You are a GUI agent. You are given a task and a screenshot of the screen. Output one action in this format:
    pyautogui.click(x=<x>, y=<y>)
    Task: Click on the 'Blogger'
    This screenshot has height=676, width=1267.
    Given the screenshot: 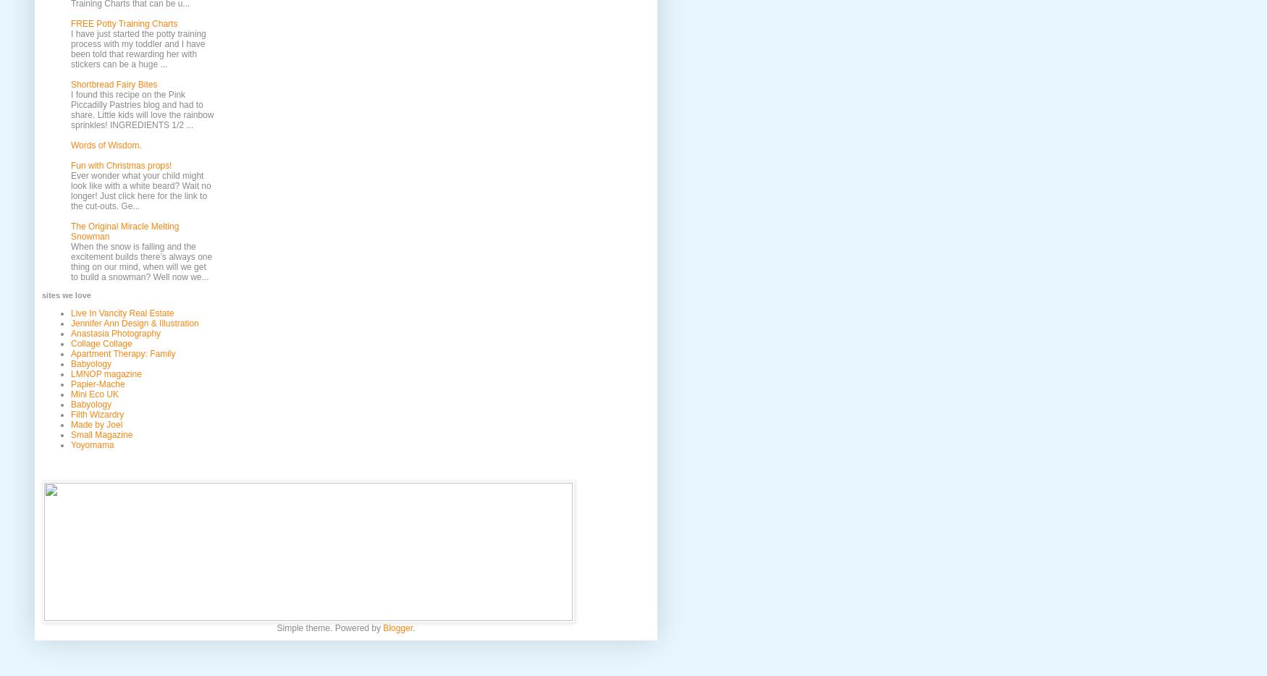 What is the action you would take?
    pyautogui.click(x=397, y=627)
    